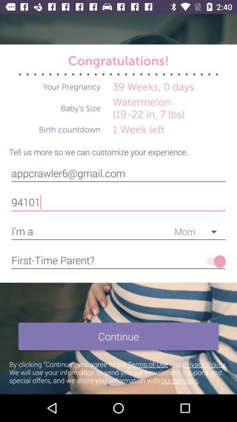 The image size is (237, 422). Describe the element at coordinates (118, 173) in the screenshot. I see `the appcrawler6@gmail.com` at that location.